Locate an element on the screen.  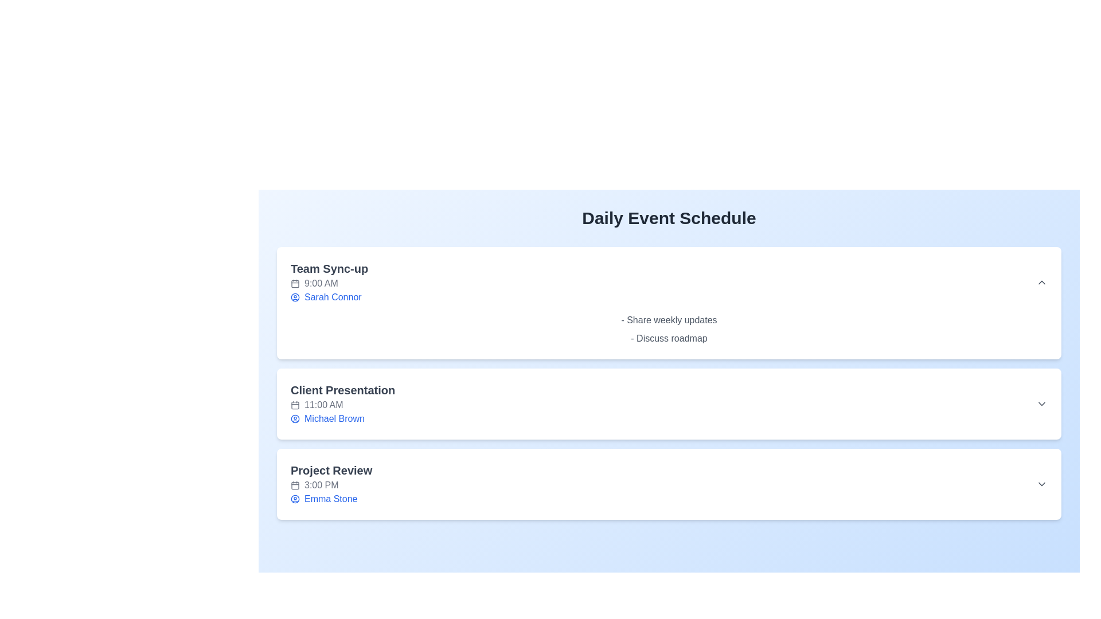
the text label displaying '3:00 PM' for the 'Project Review' event, which is located next to a calendar icon is located at coordinates (321, 485).